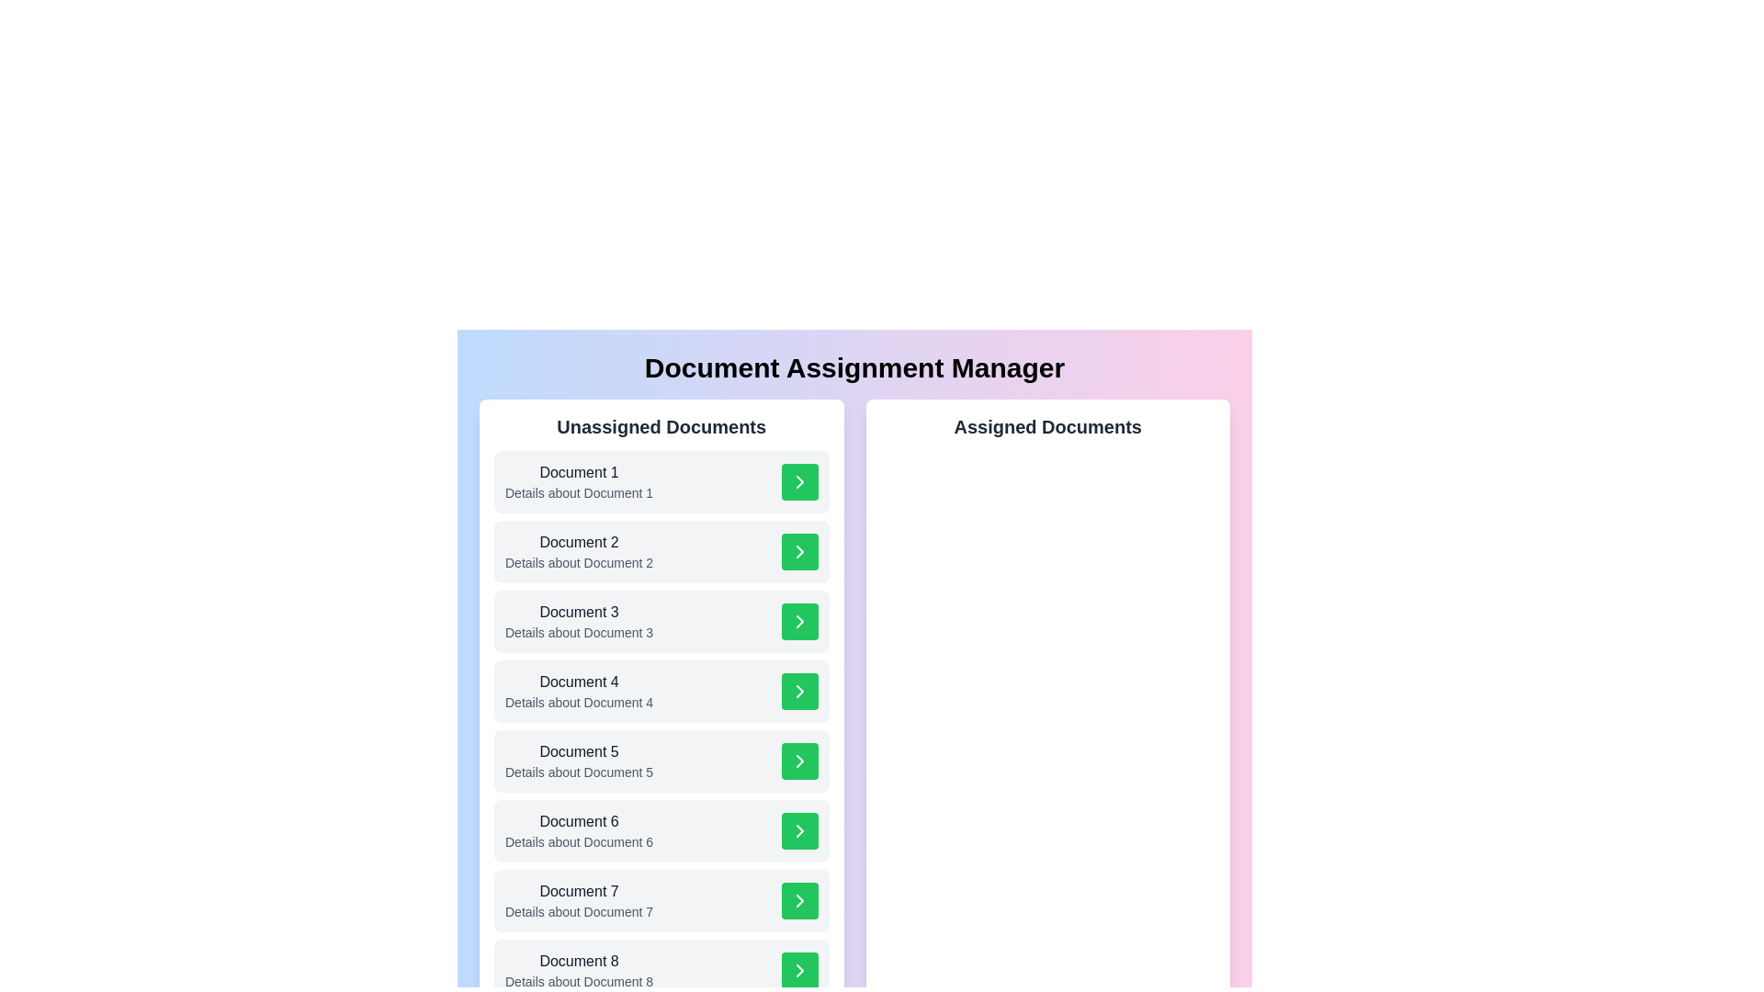 The height and width of the screenshot is (992, 1764). What do you see at coordinates (661, 831) in the screenshot?
I see `the list item representing 'Document 6'` at bounding box center [661, 831].